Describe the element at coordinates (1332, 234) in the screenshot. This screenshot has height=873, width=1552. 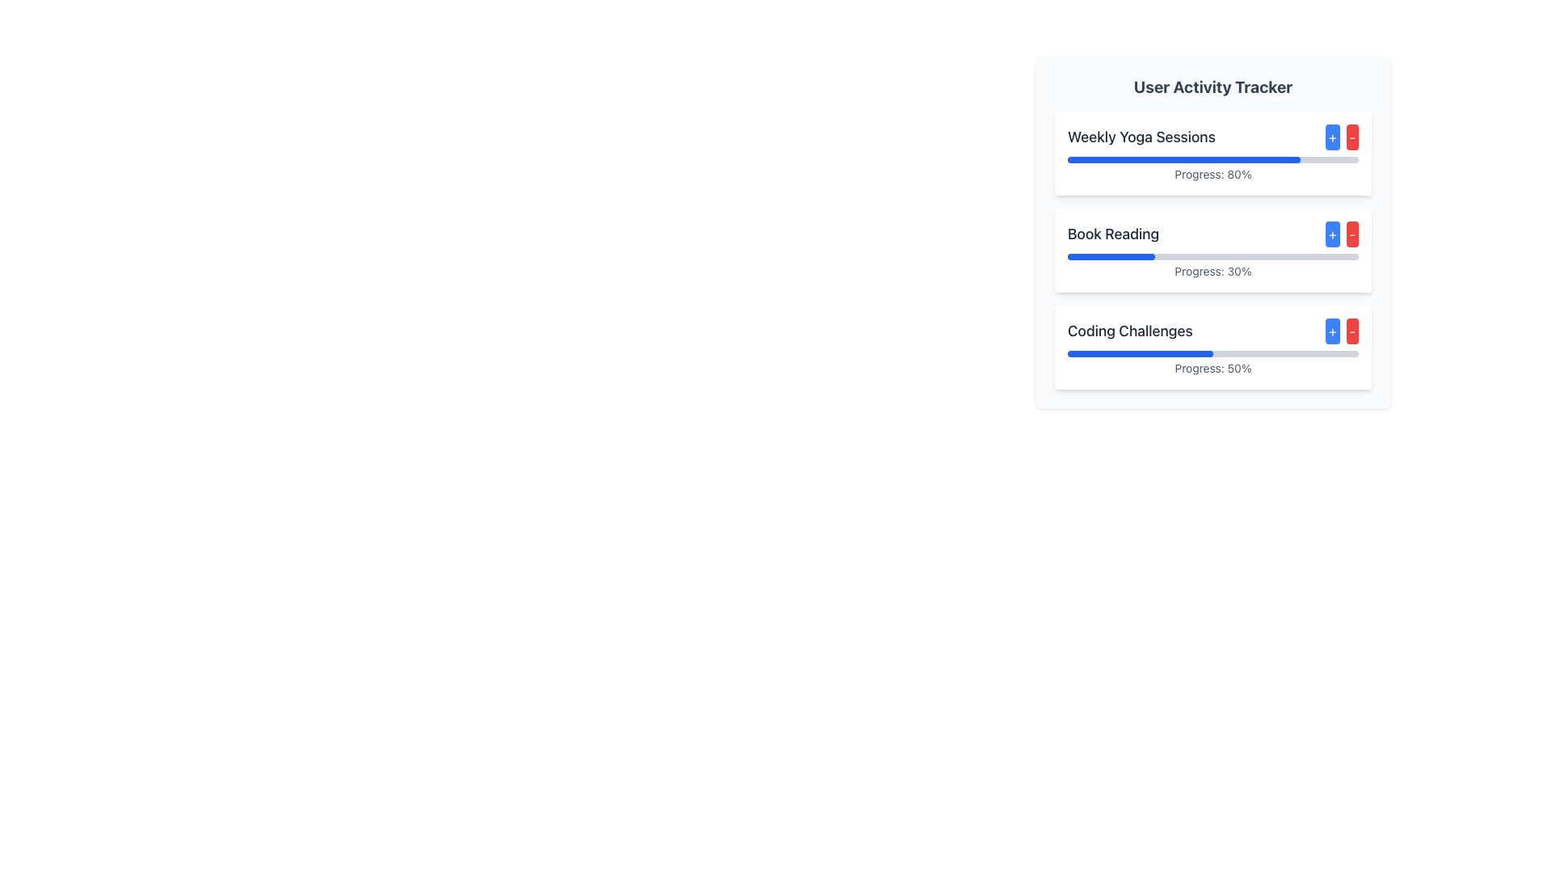
I see `the small rectangular blue button with a white plus sign ('+') located on the right-hand side of the 'Book Reading' section to increment the activity count` at that location.